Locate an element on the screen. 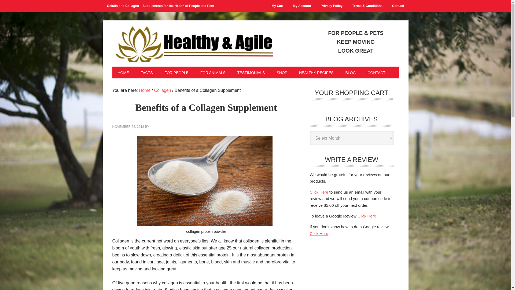  'My Account' is located at coordinates (302, 6).